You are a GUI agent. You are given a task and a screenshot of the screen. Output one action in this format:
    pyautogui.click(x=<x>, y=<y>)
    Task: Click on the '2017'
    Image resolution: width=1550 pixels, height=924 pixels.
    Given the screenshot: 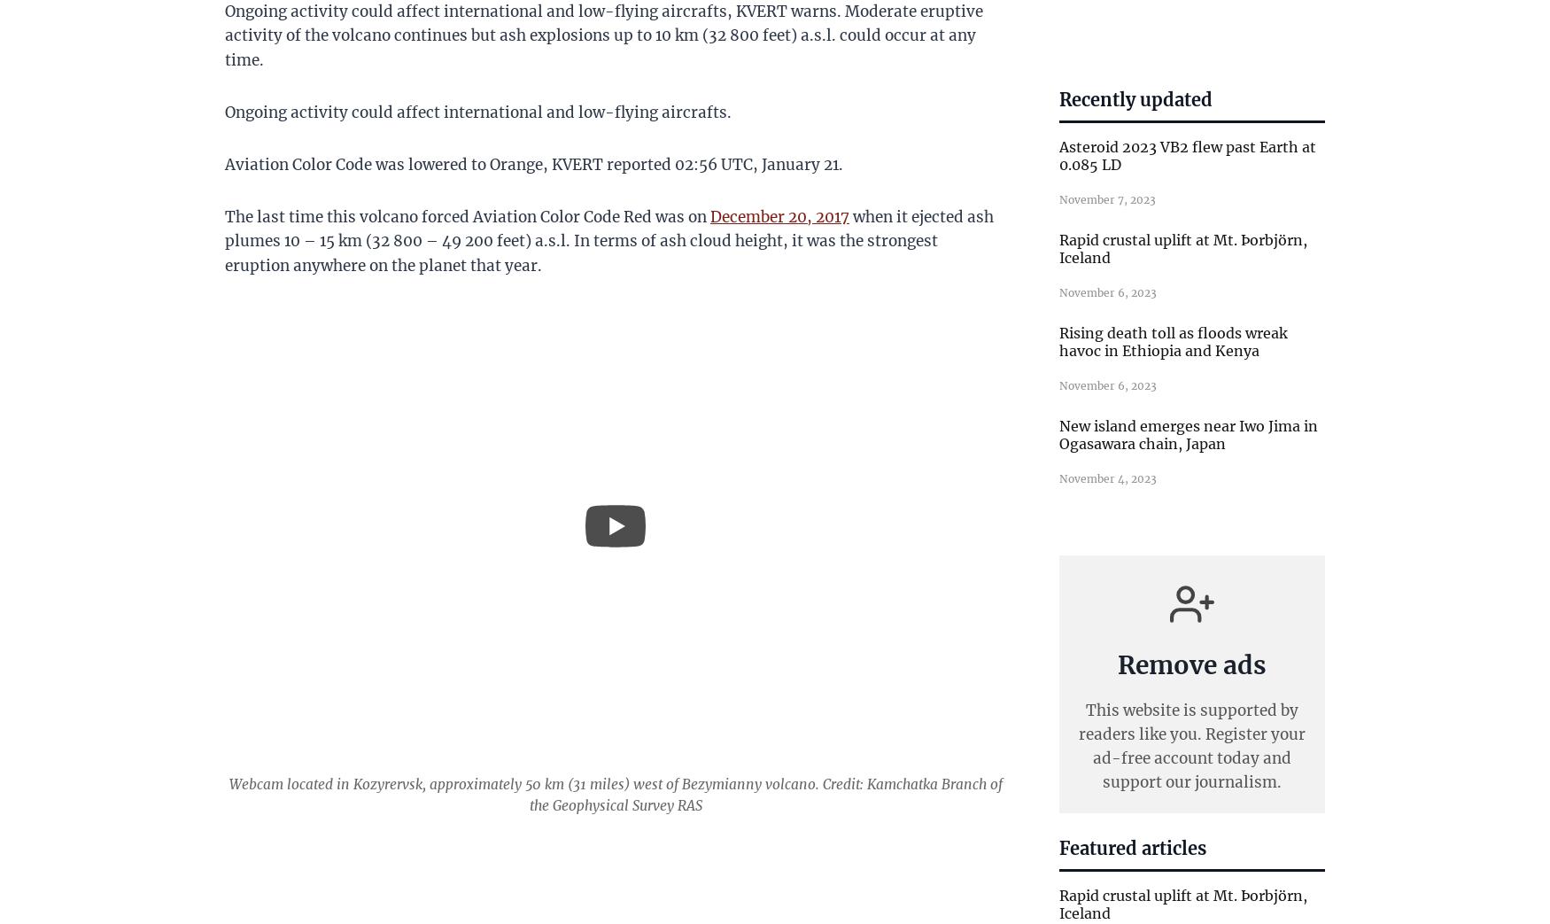 What is the action you would take?
    pyautogui.click(x=832, y=217)
    